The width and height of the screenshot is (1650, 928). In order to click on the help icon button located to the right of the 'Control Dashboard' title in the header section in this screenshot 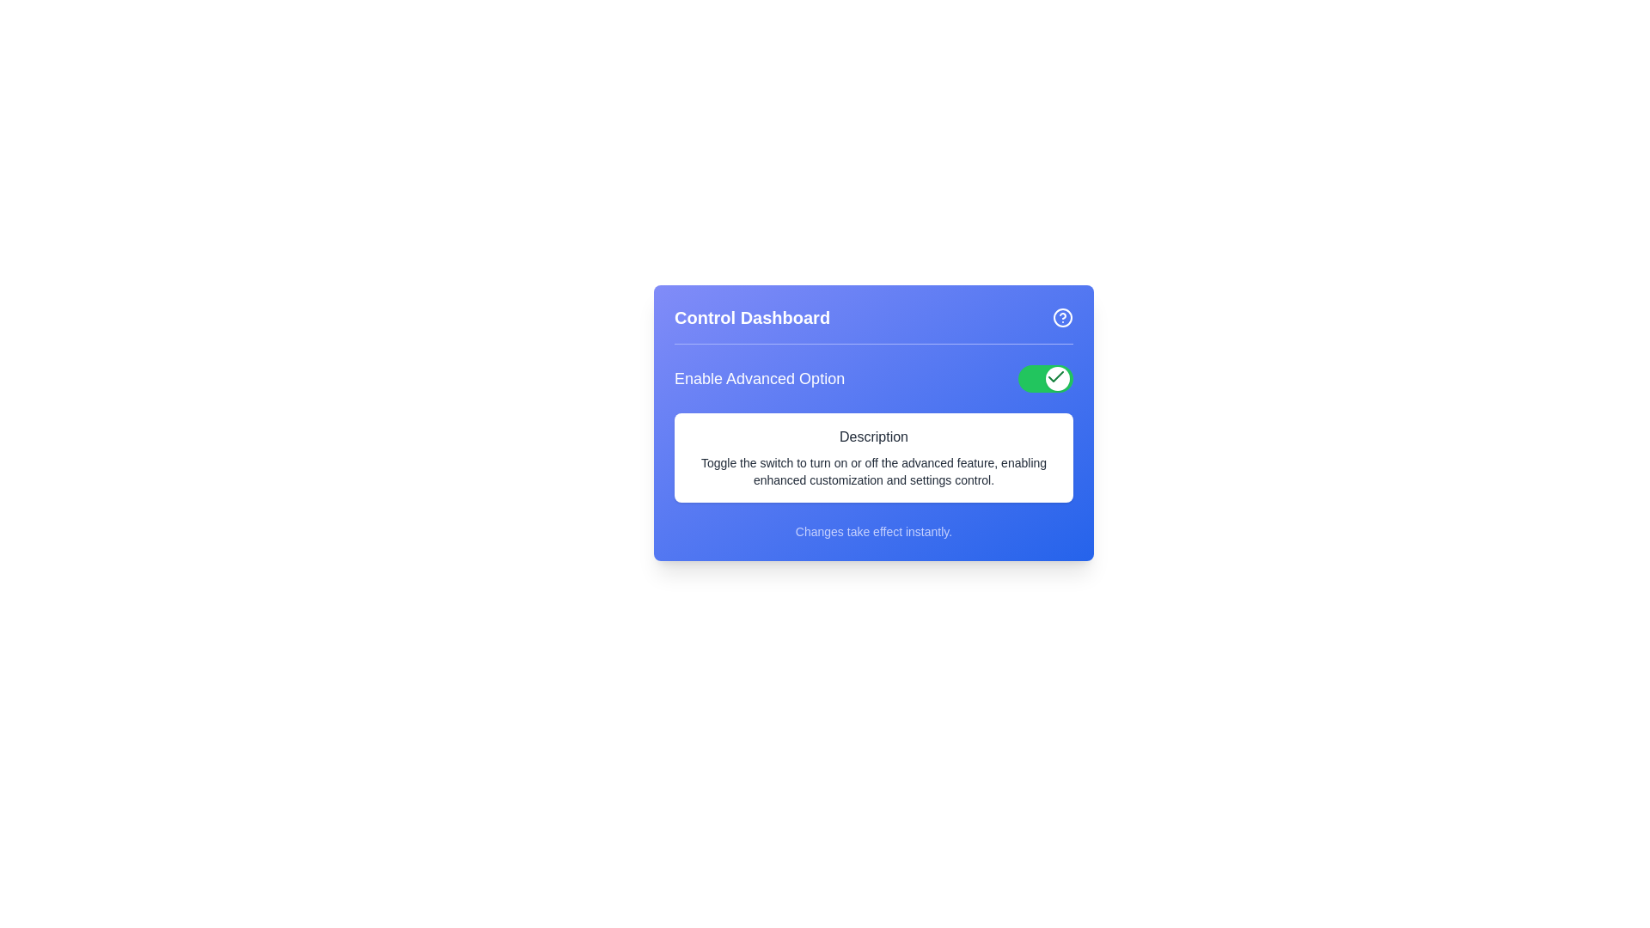, I will do `click(1062, 318)`.